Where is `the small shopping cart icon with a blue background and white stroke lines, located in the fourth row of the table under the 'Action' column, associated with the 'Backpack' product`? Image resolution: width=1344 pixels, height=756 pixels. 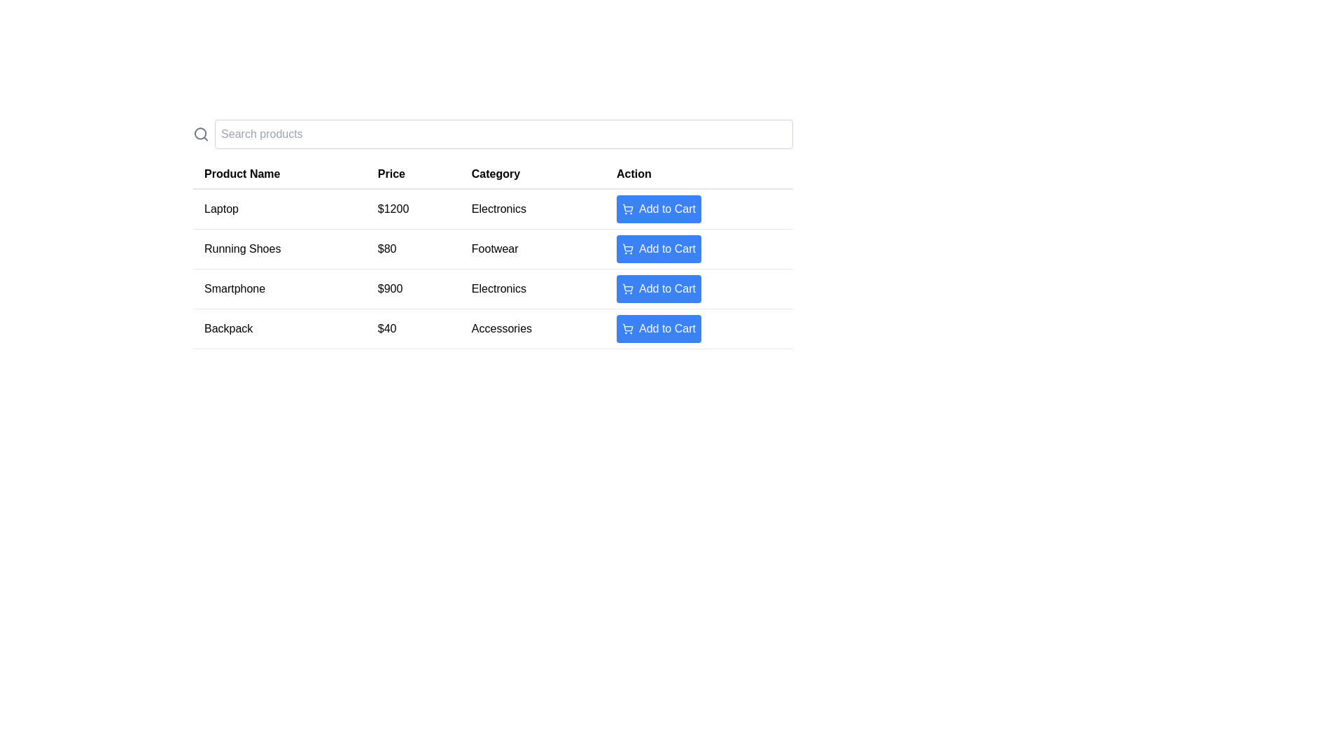
the small shopping cart icon with a blue background and white stroke lines, located in the fourth row of the table under the 'Action' column, associated with the 'Backpack' product is located at coordinates (627, 329).